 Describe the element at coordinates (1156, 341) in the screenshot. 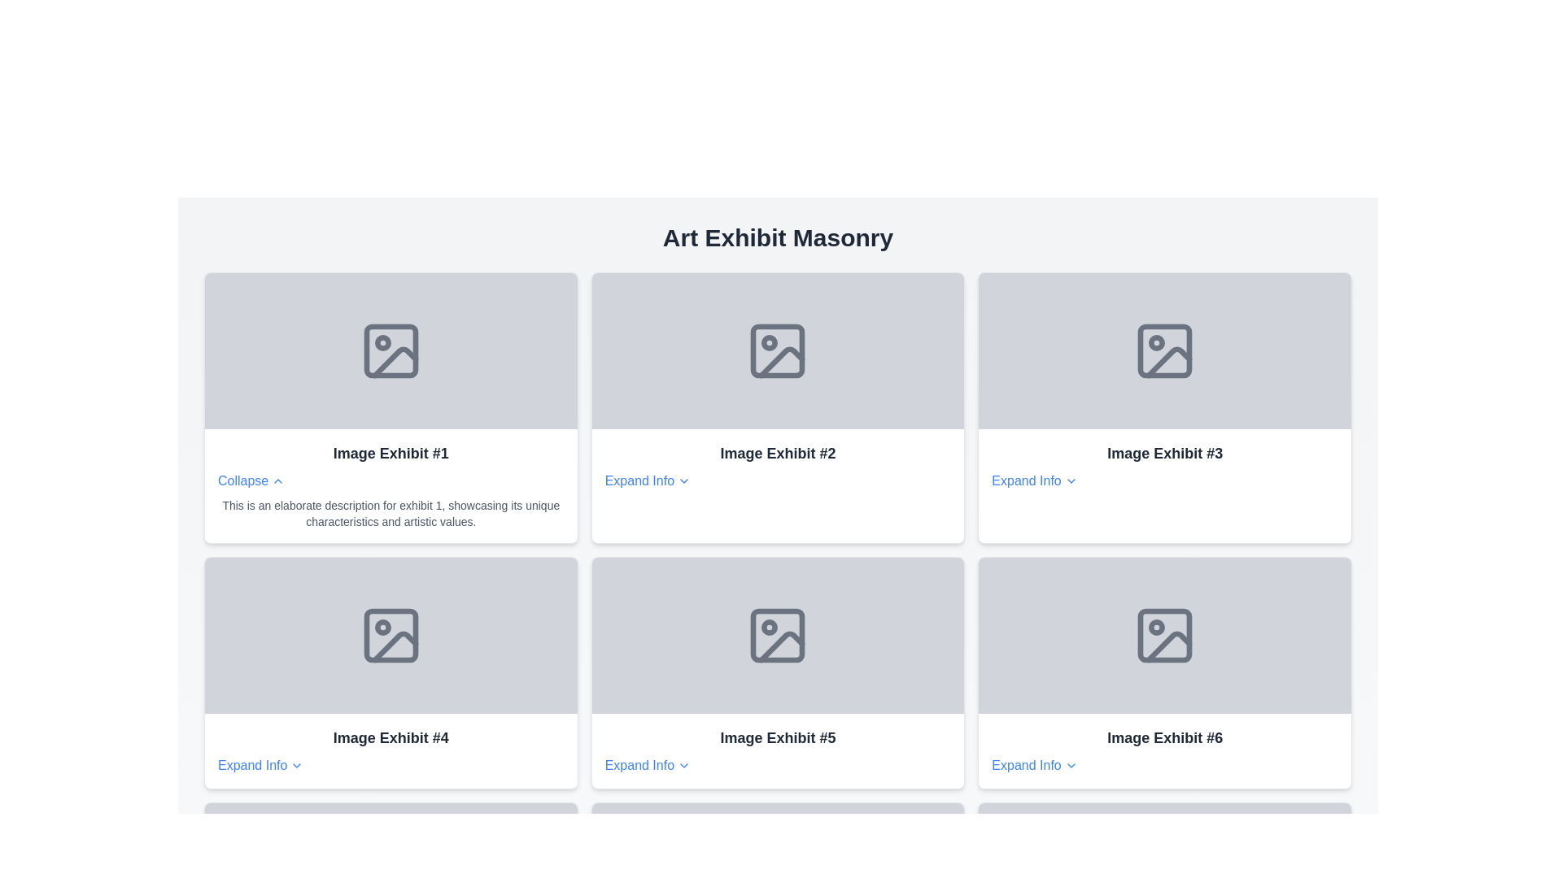

I see `the small circle element located in the upper-left region of the SVG icon within the 'Art Exhibit Masonry' grid layout` at that location.